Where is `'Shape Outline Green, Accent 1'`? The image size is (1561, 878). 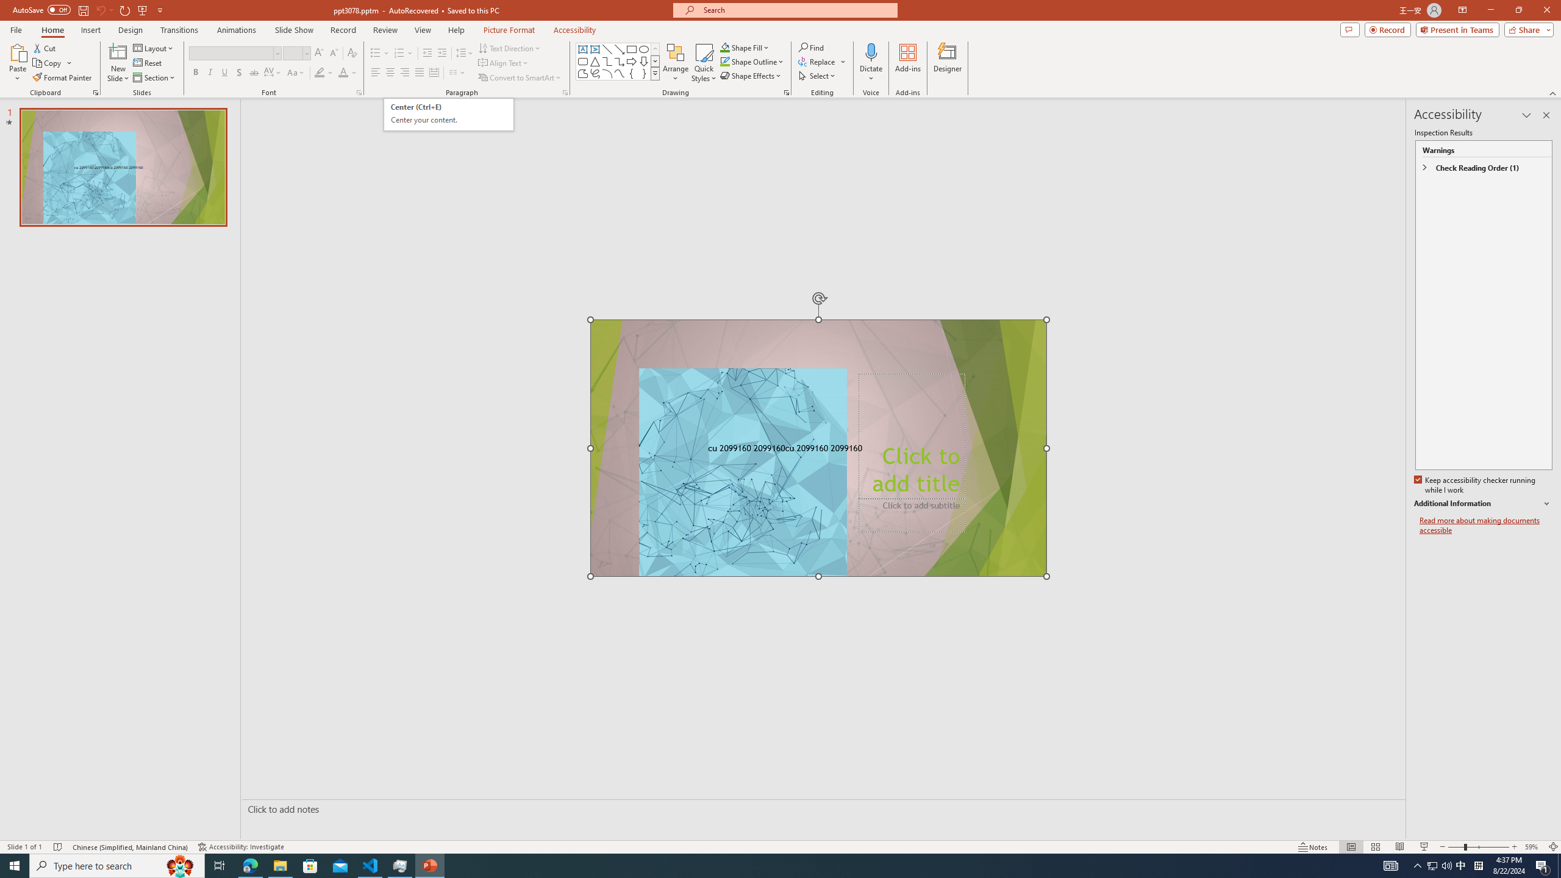
'Shape Outline Green, Accent 1' is located at coordinates (725, 60).